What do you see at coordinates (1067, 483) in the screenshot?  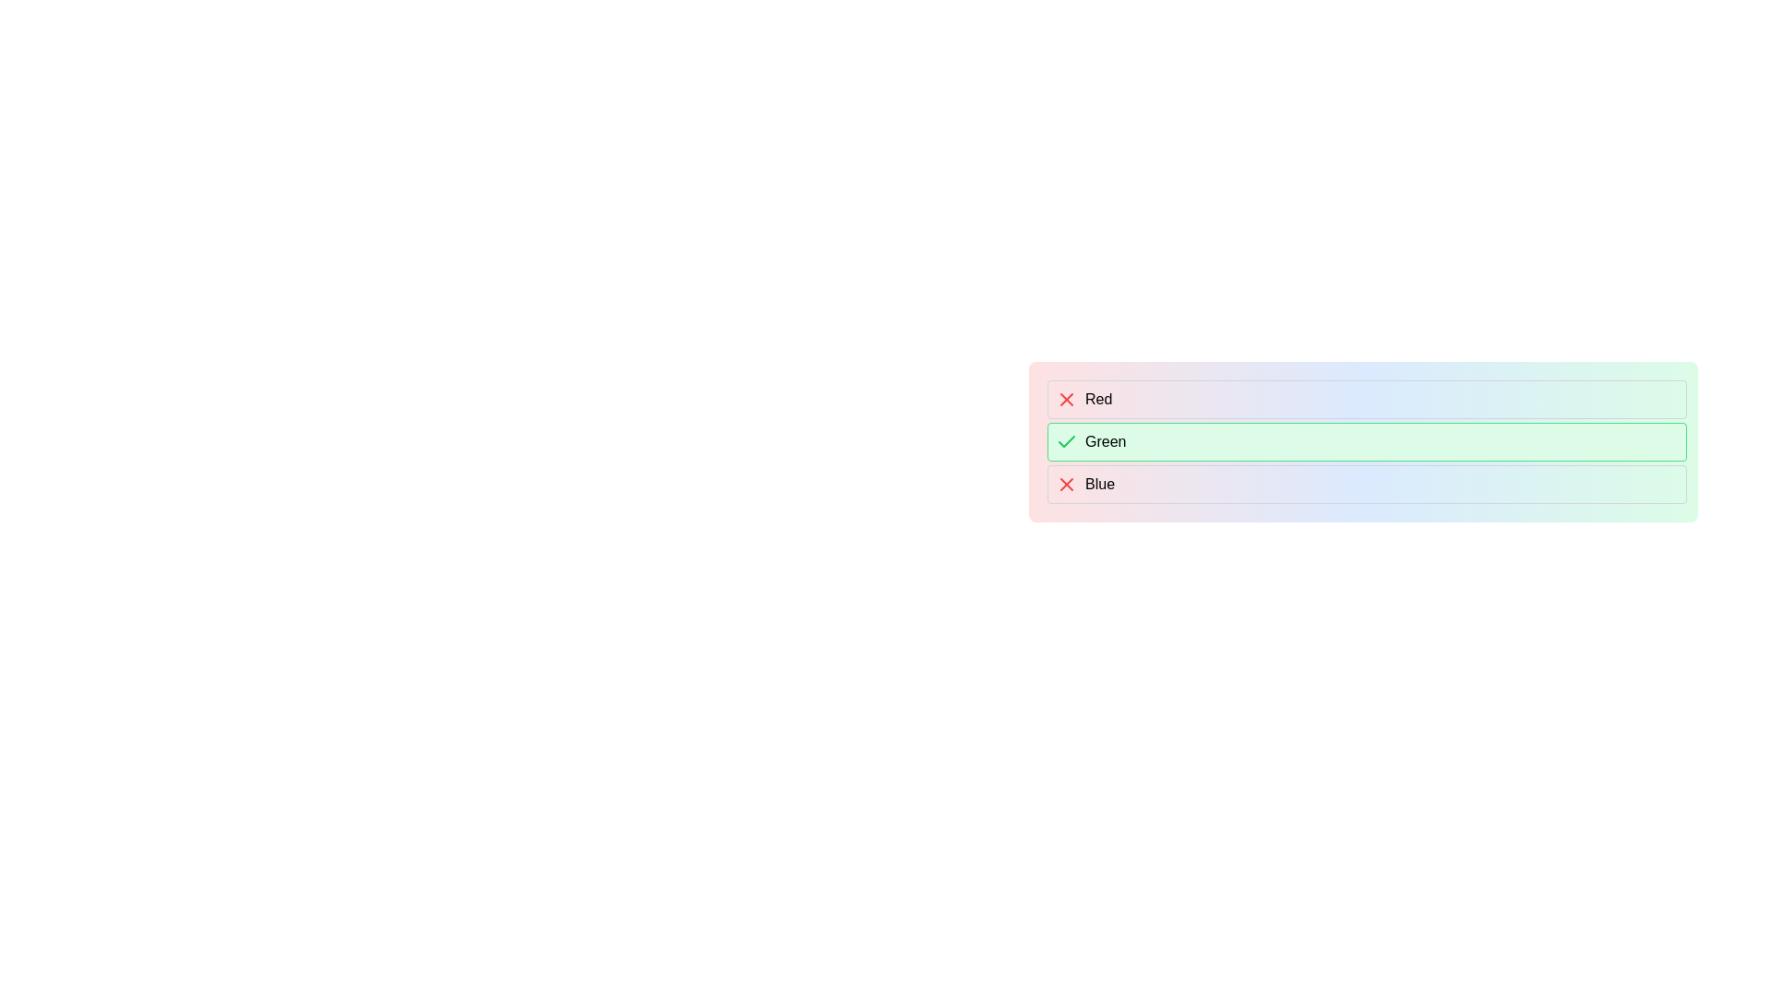 I see `the red 'X' close button located to the left of the word 'Blue' in the 'Blue' option row` at bounding box center [1067, 483].